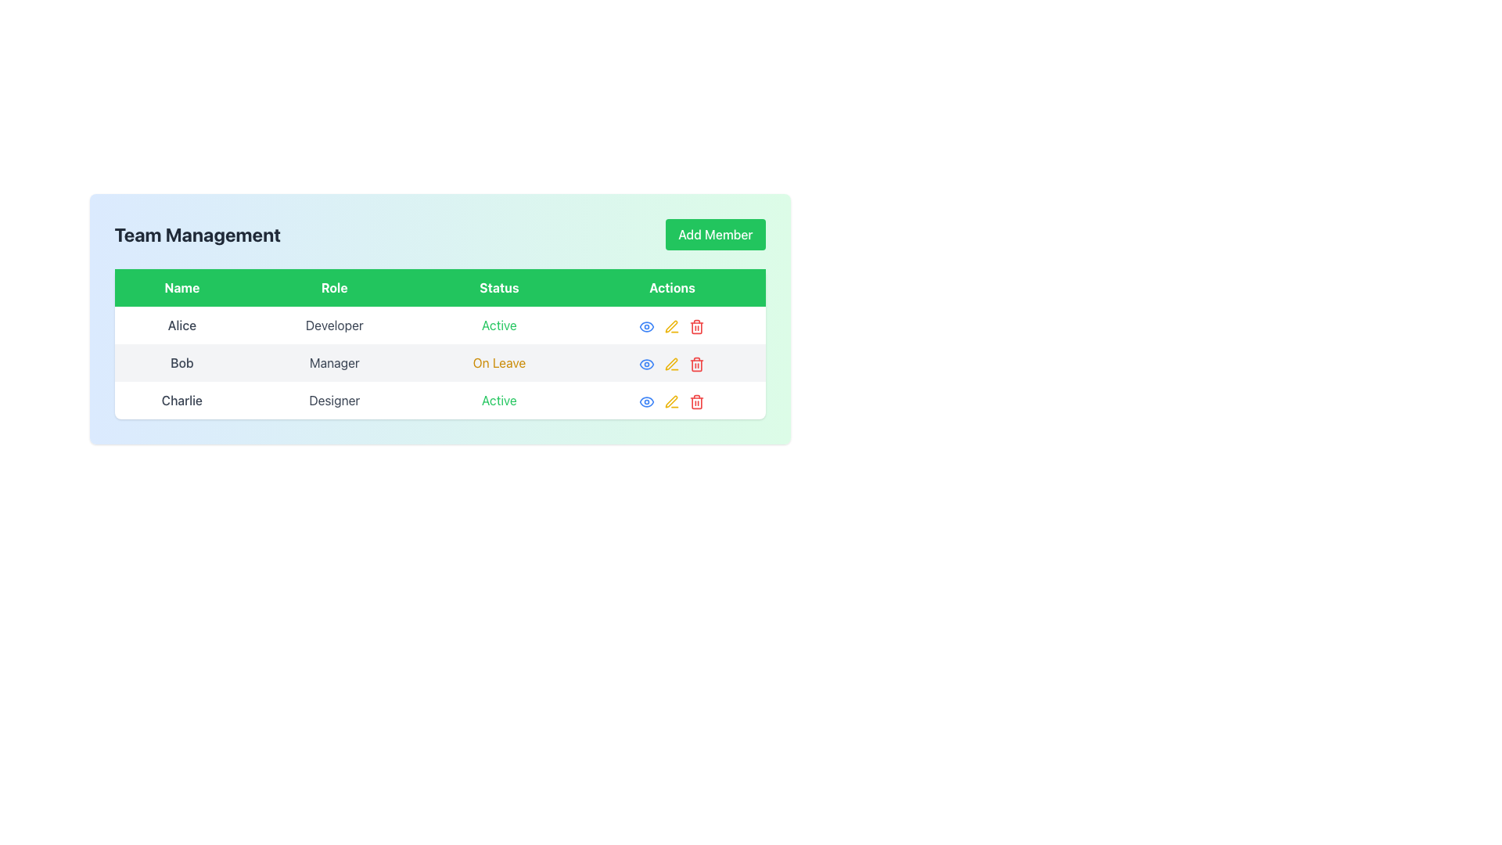  Describe the element at coordinates (672, 364) in the screenshot. I see `the edit icon in the 'Actions' column for the row labeled 'Bob'` at that location.